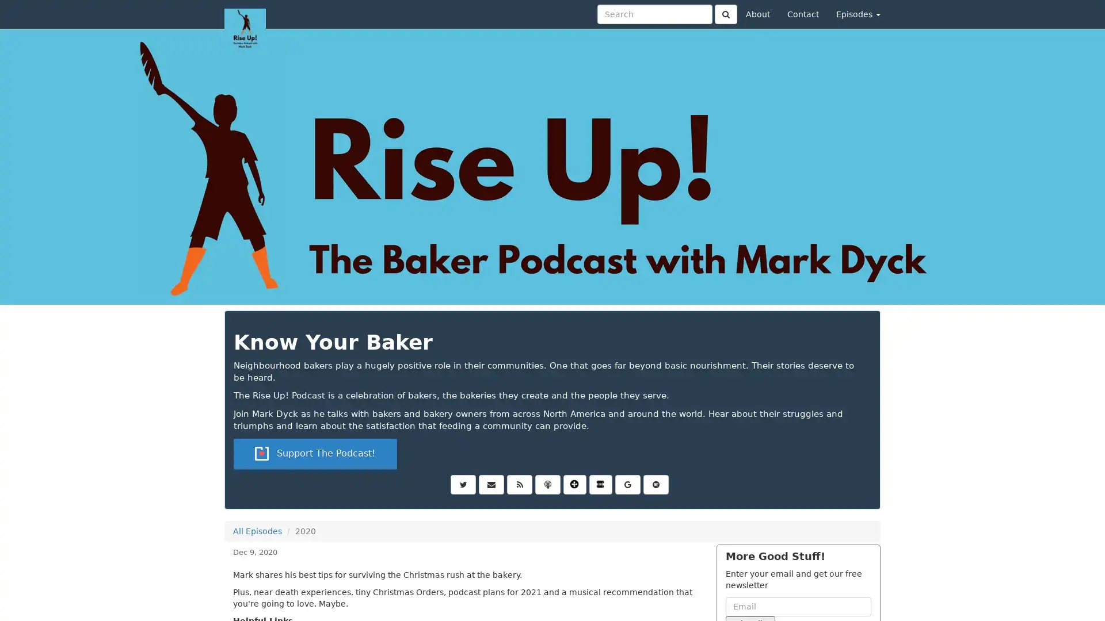 Image resolution: width=1105 pixels, height=621 pixels. What do you see at coordinates (725, 14) in the screenshot?
I see `Click to submit search` at bounding box center [725, 14].